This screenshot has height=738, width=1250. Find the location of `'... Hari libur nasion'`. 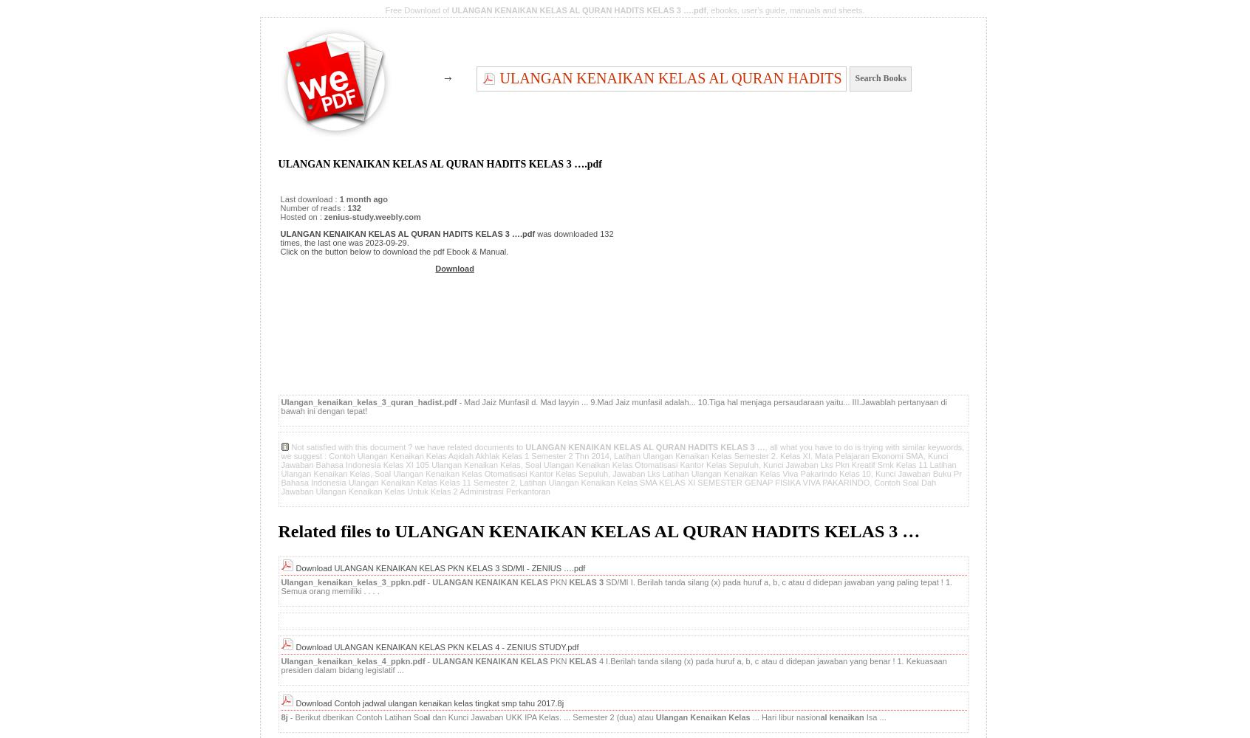

'... Hari libur nasion' is located at coordinates (785, 716).